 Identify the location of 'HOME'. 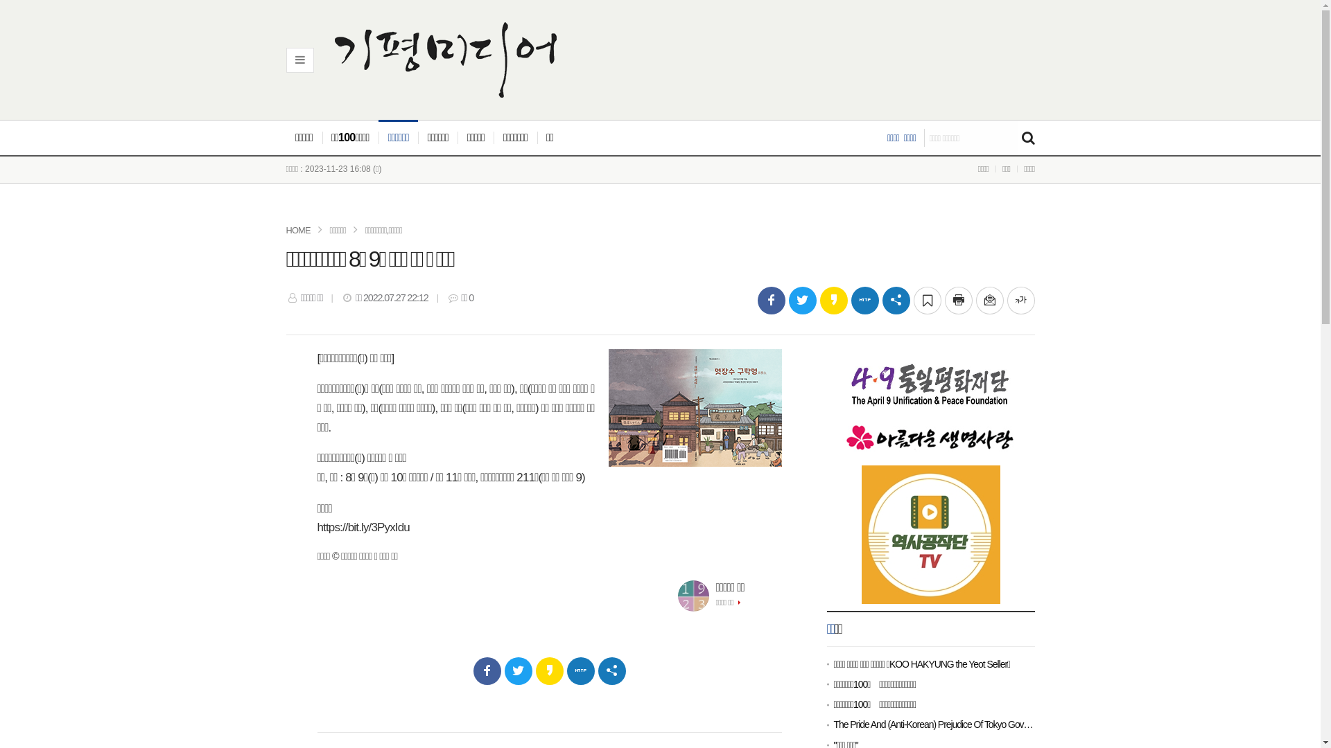
(297, 229).